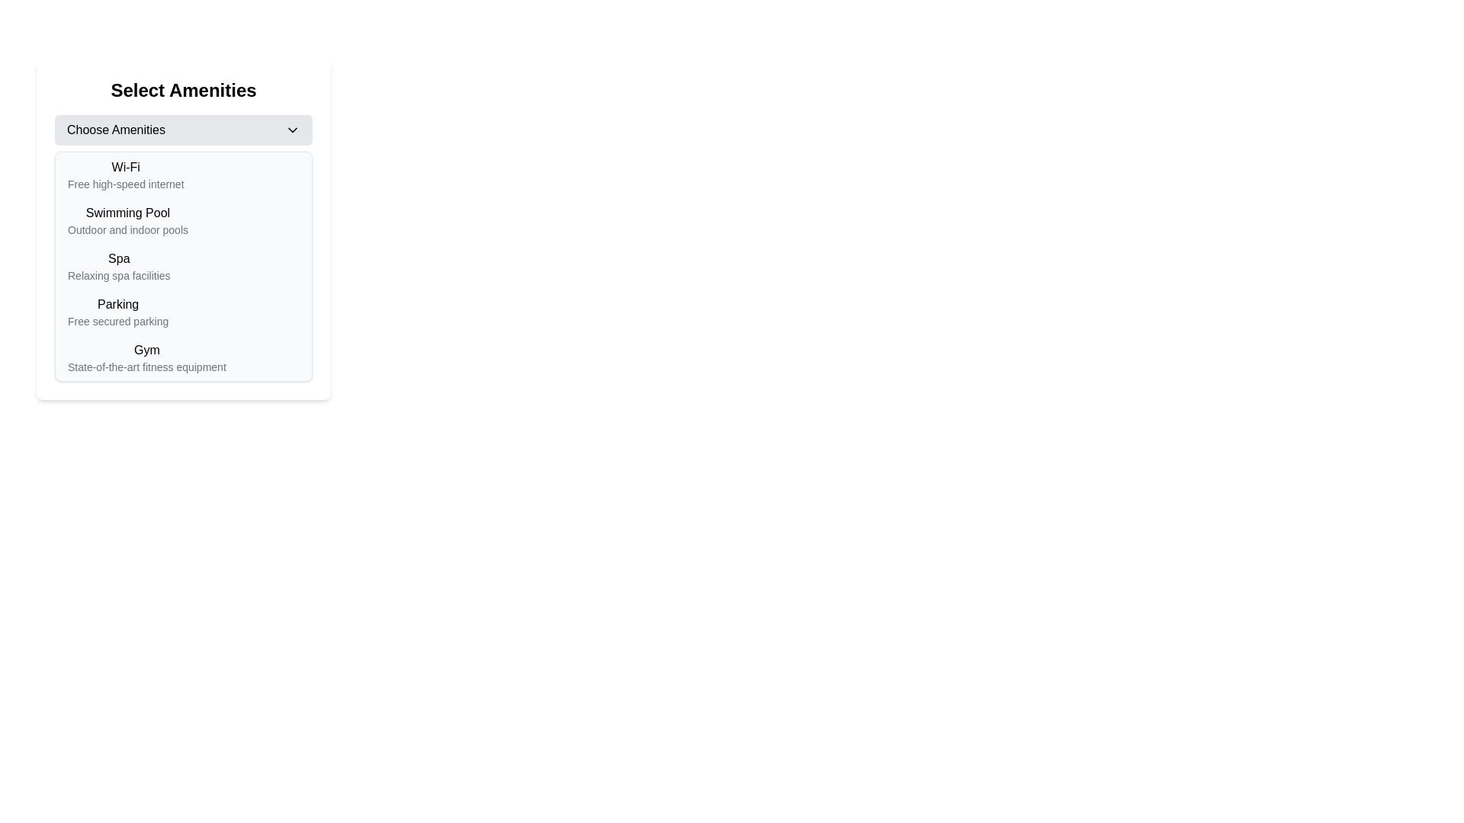 The height and width of the screenshot is (823, 1464). Describe the element at coordinates (146, 367) in the screenshot. I see `the 'State-of-the-art fitness equipment' text label to select or inquire about the amenity, which is styled as a secondary description below the 'Gym' label` at that location.